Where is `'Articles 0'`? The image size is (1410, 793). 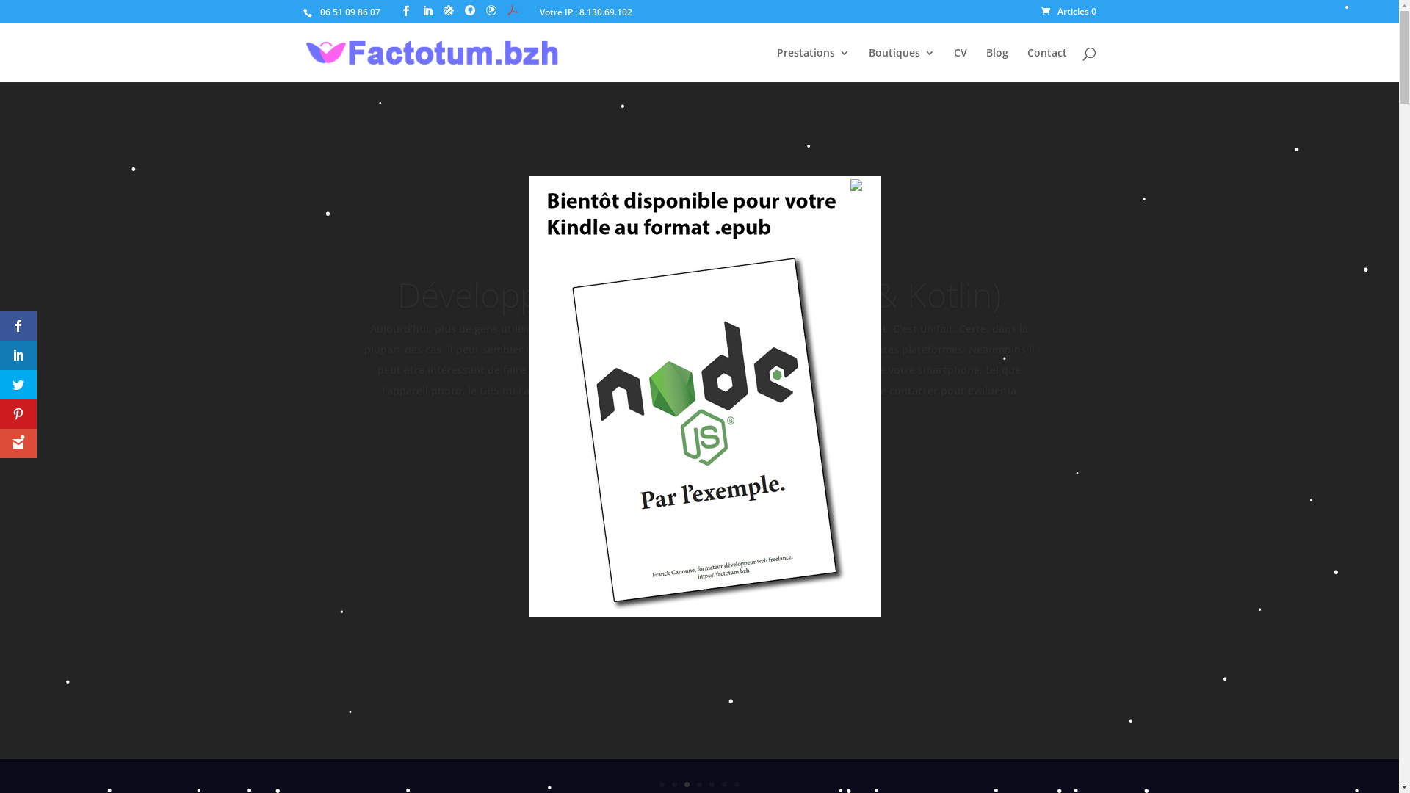 'Articles 0' is located at coordinates (1069, 11).